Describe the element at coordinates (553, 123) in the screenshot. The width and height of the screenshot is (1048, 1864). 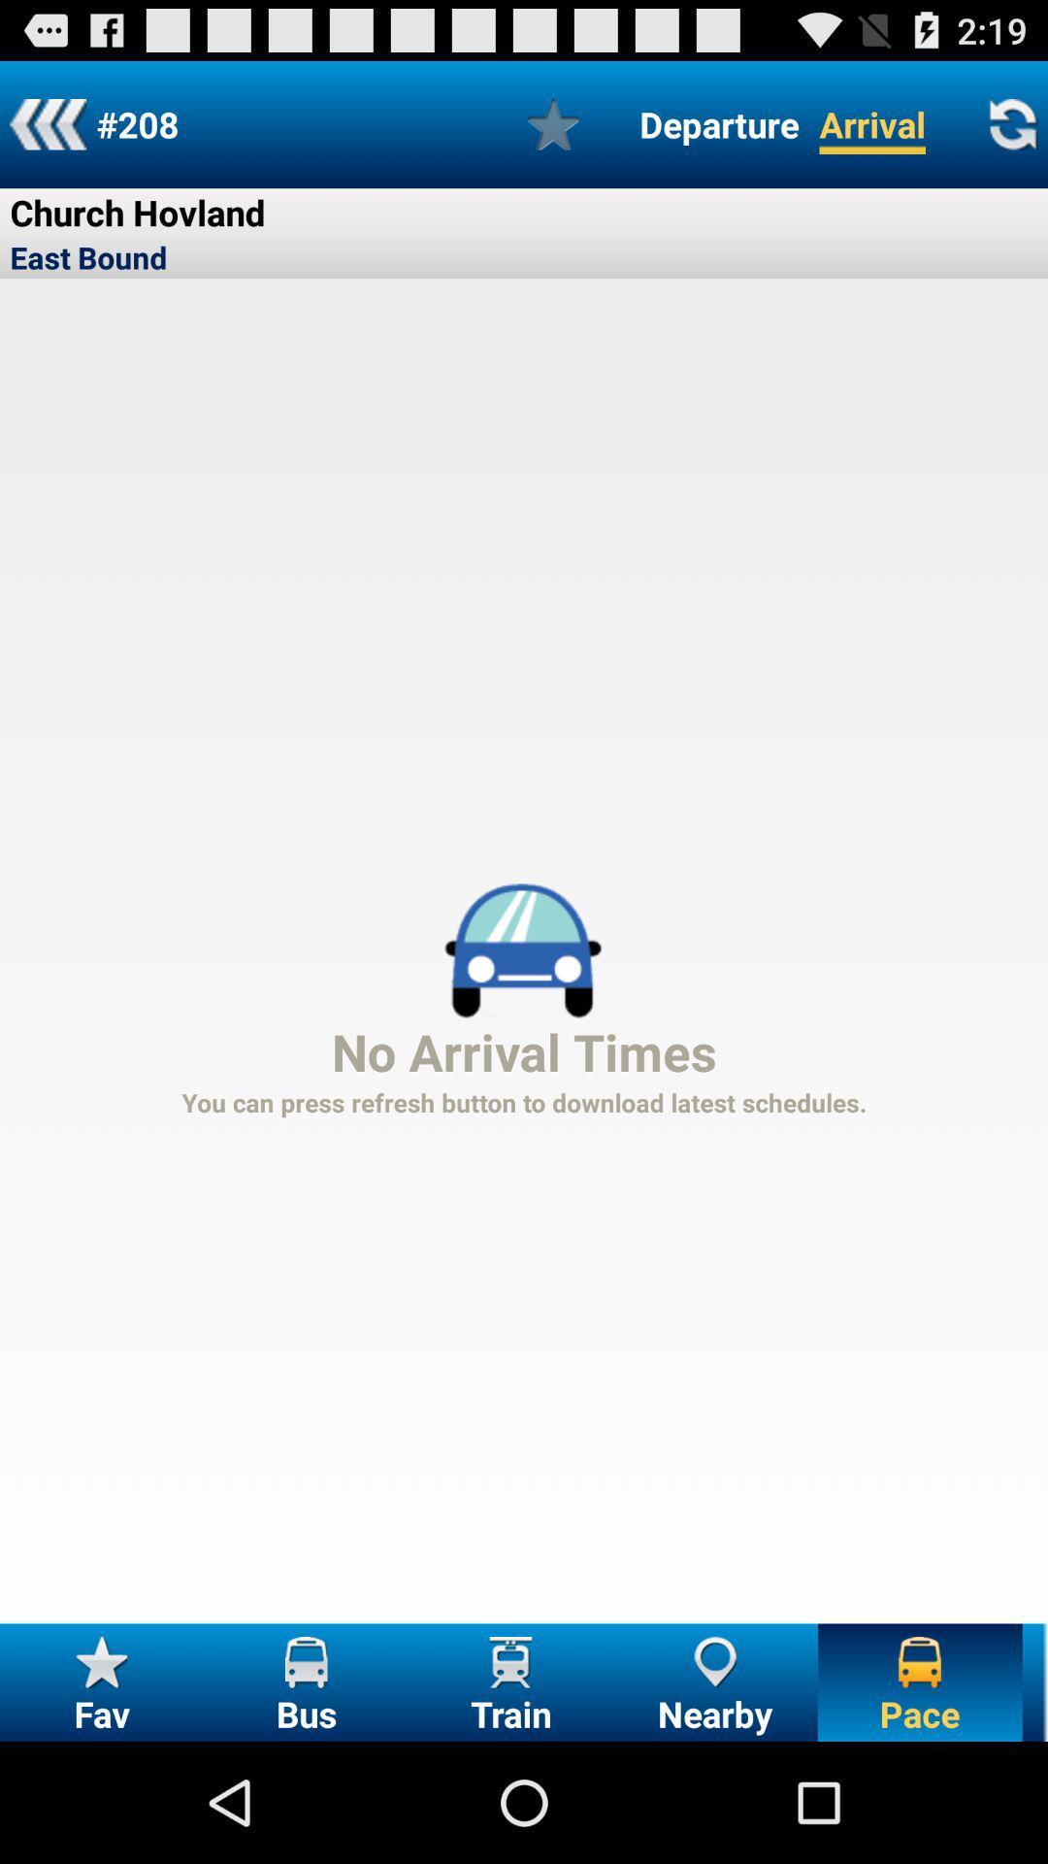
I see `mark as favorite` at that location.